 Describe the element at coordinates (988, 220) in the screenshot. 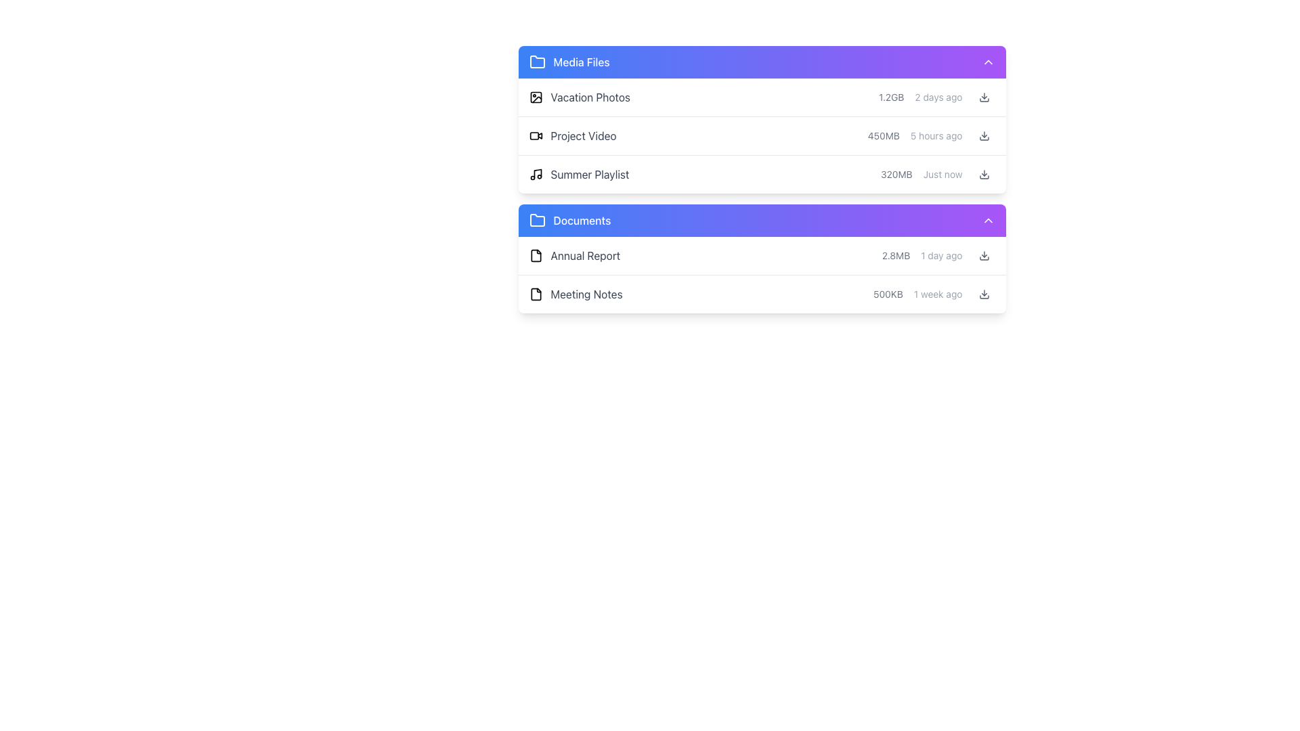

I see `the downward-facing chevron icon with a white stroke on a purple gradient background in the 'Documents' section header` at that location.